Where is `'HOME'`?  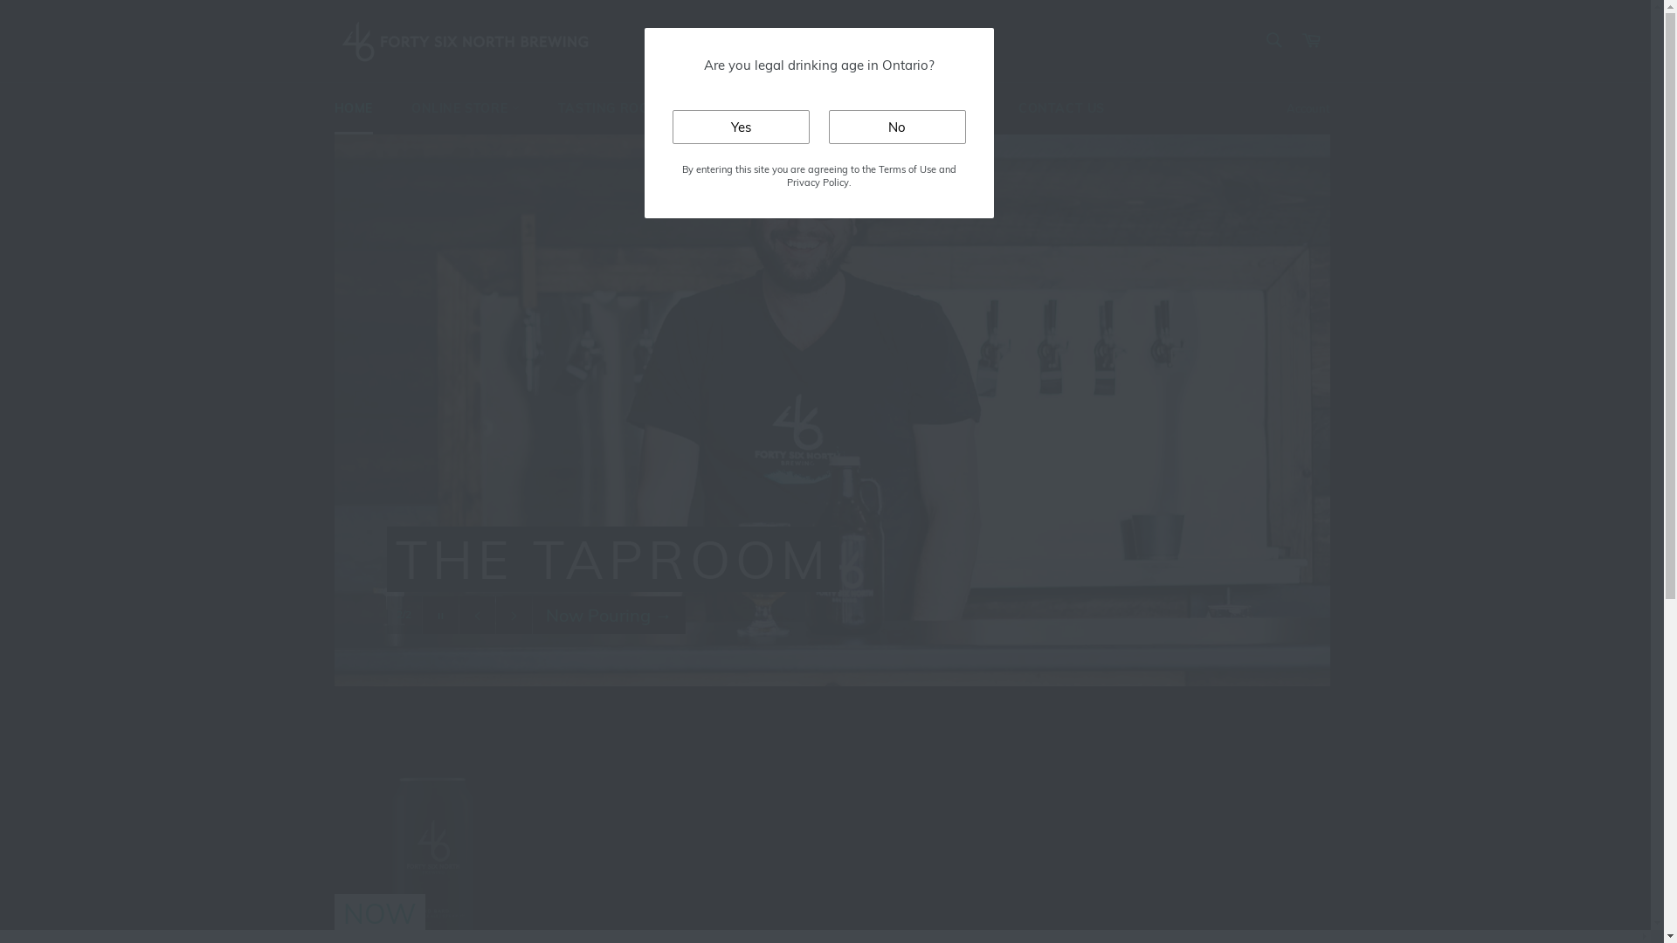
'HOME' is located at coordinates (351, 108).